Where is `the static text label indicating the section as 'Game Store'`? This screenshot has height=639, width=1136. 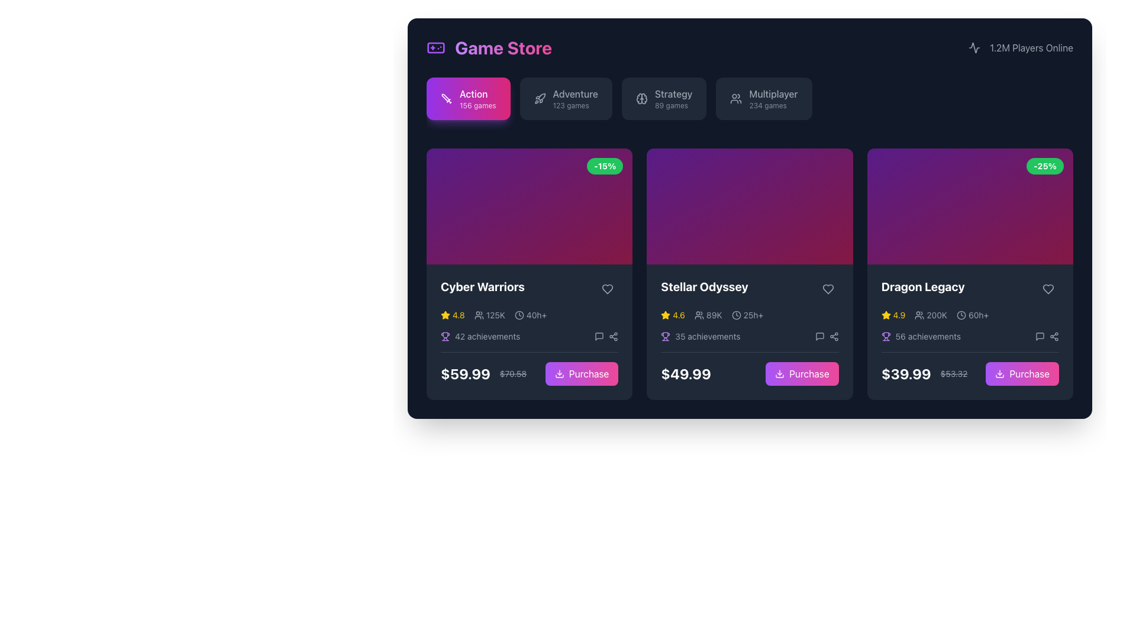 the static text label indicating the section as 'Game Store' is located at coordinates (489, 47).